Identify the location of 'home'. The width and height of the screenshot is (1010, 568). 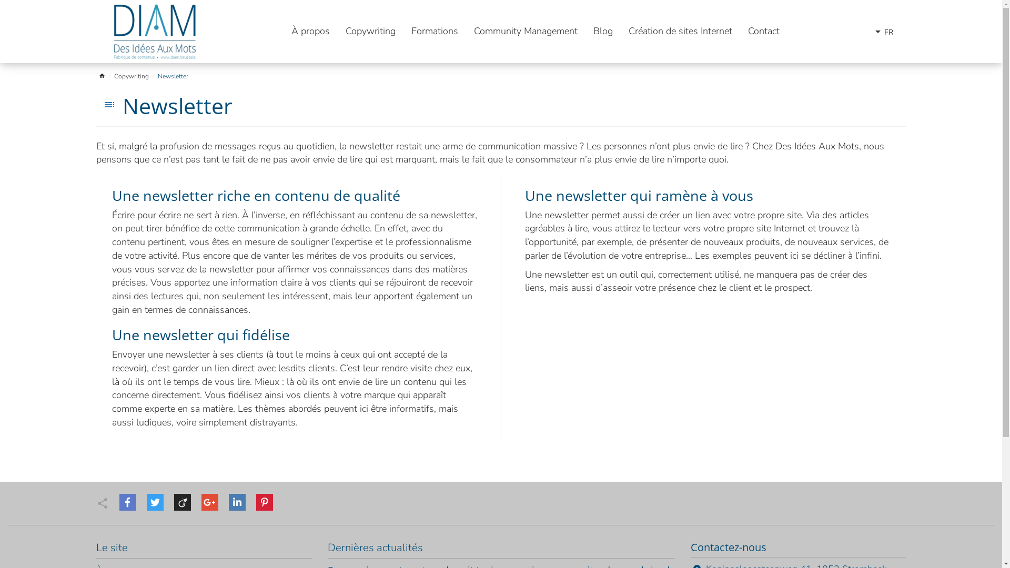
(101, 76).